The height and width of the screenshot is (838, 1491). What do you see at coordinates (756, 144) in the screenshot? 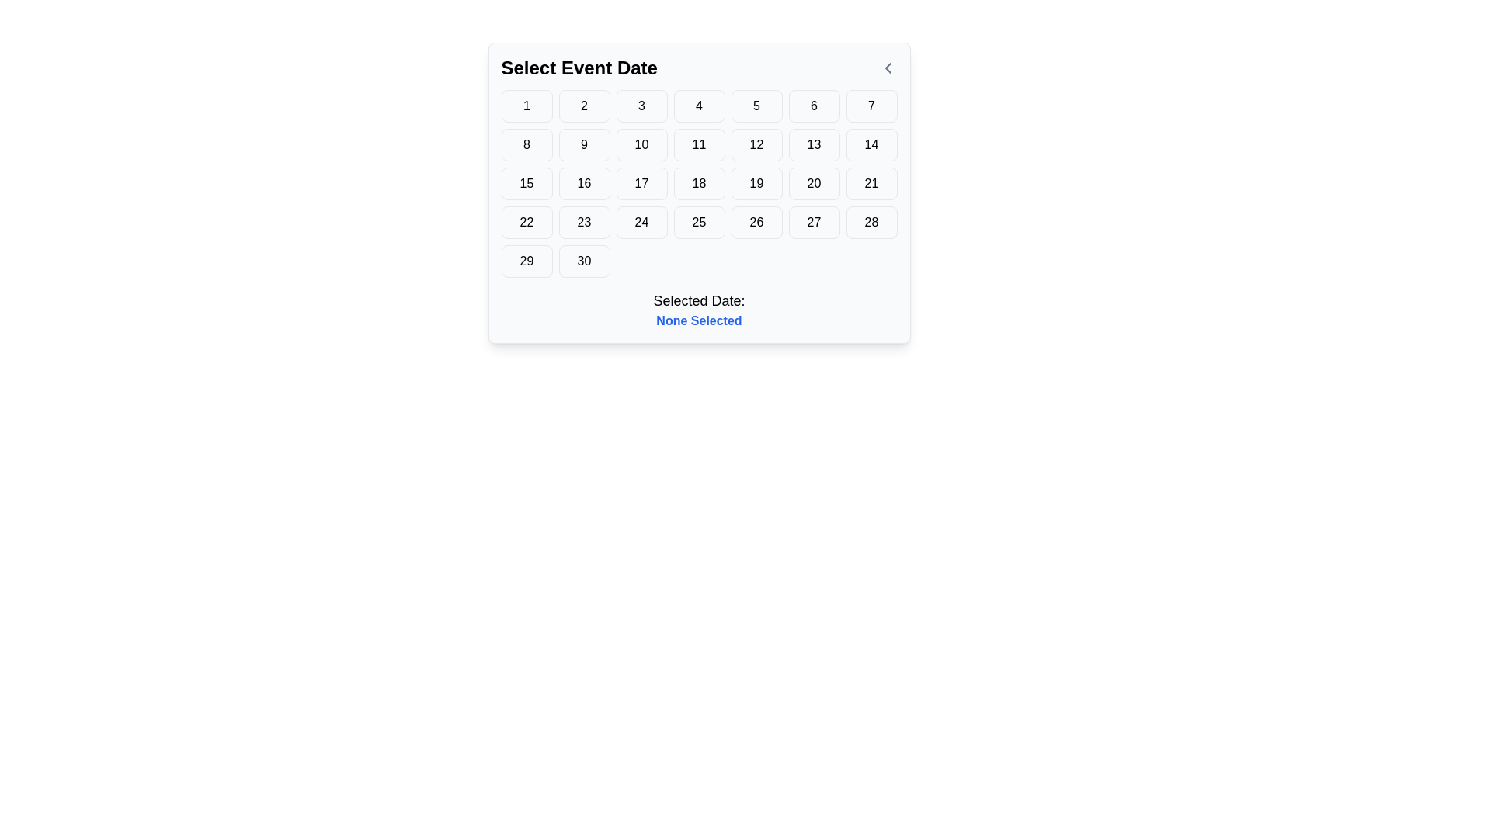
I see `the button in the second row and fifth column of the date selection grid` at bounding box center [756, 144].